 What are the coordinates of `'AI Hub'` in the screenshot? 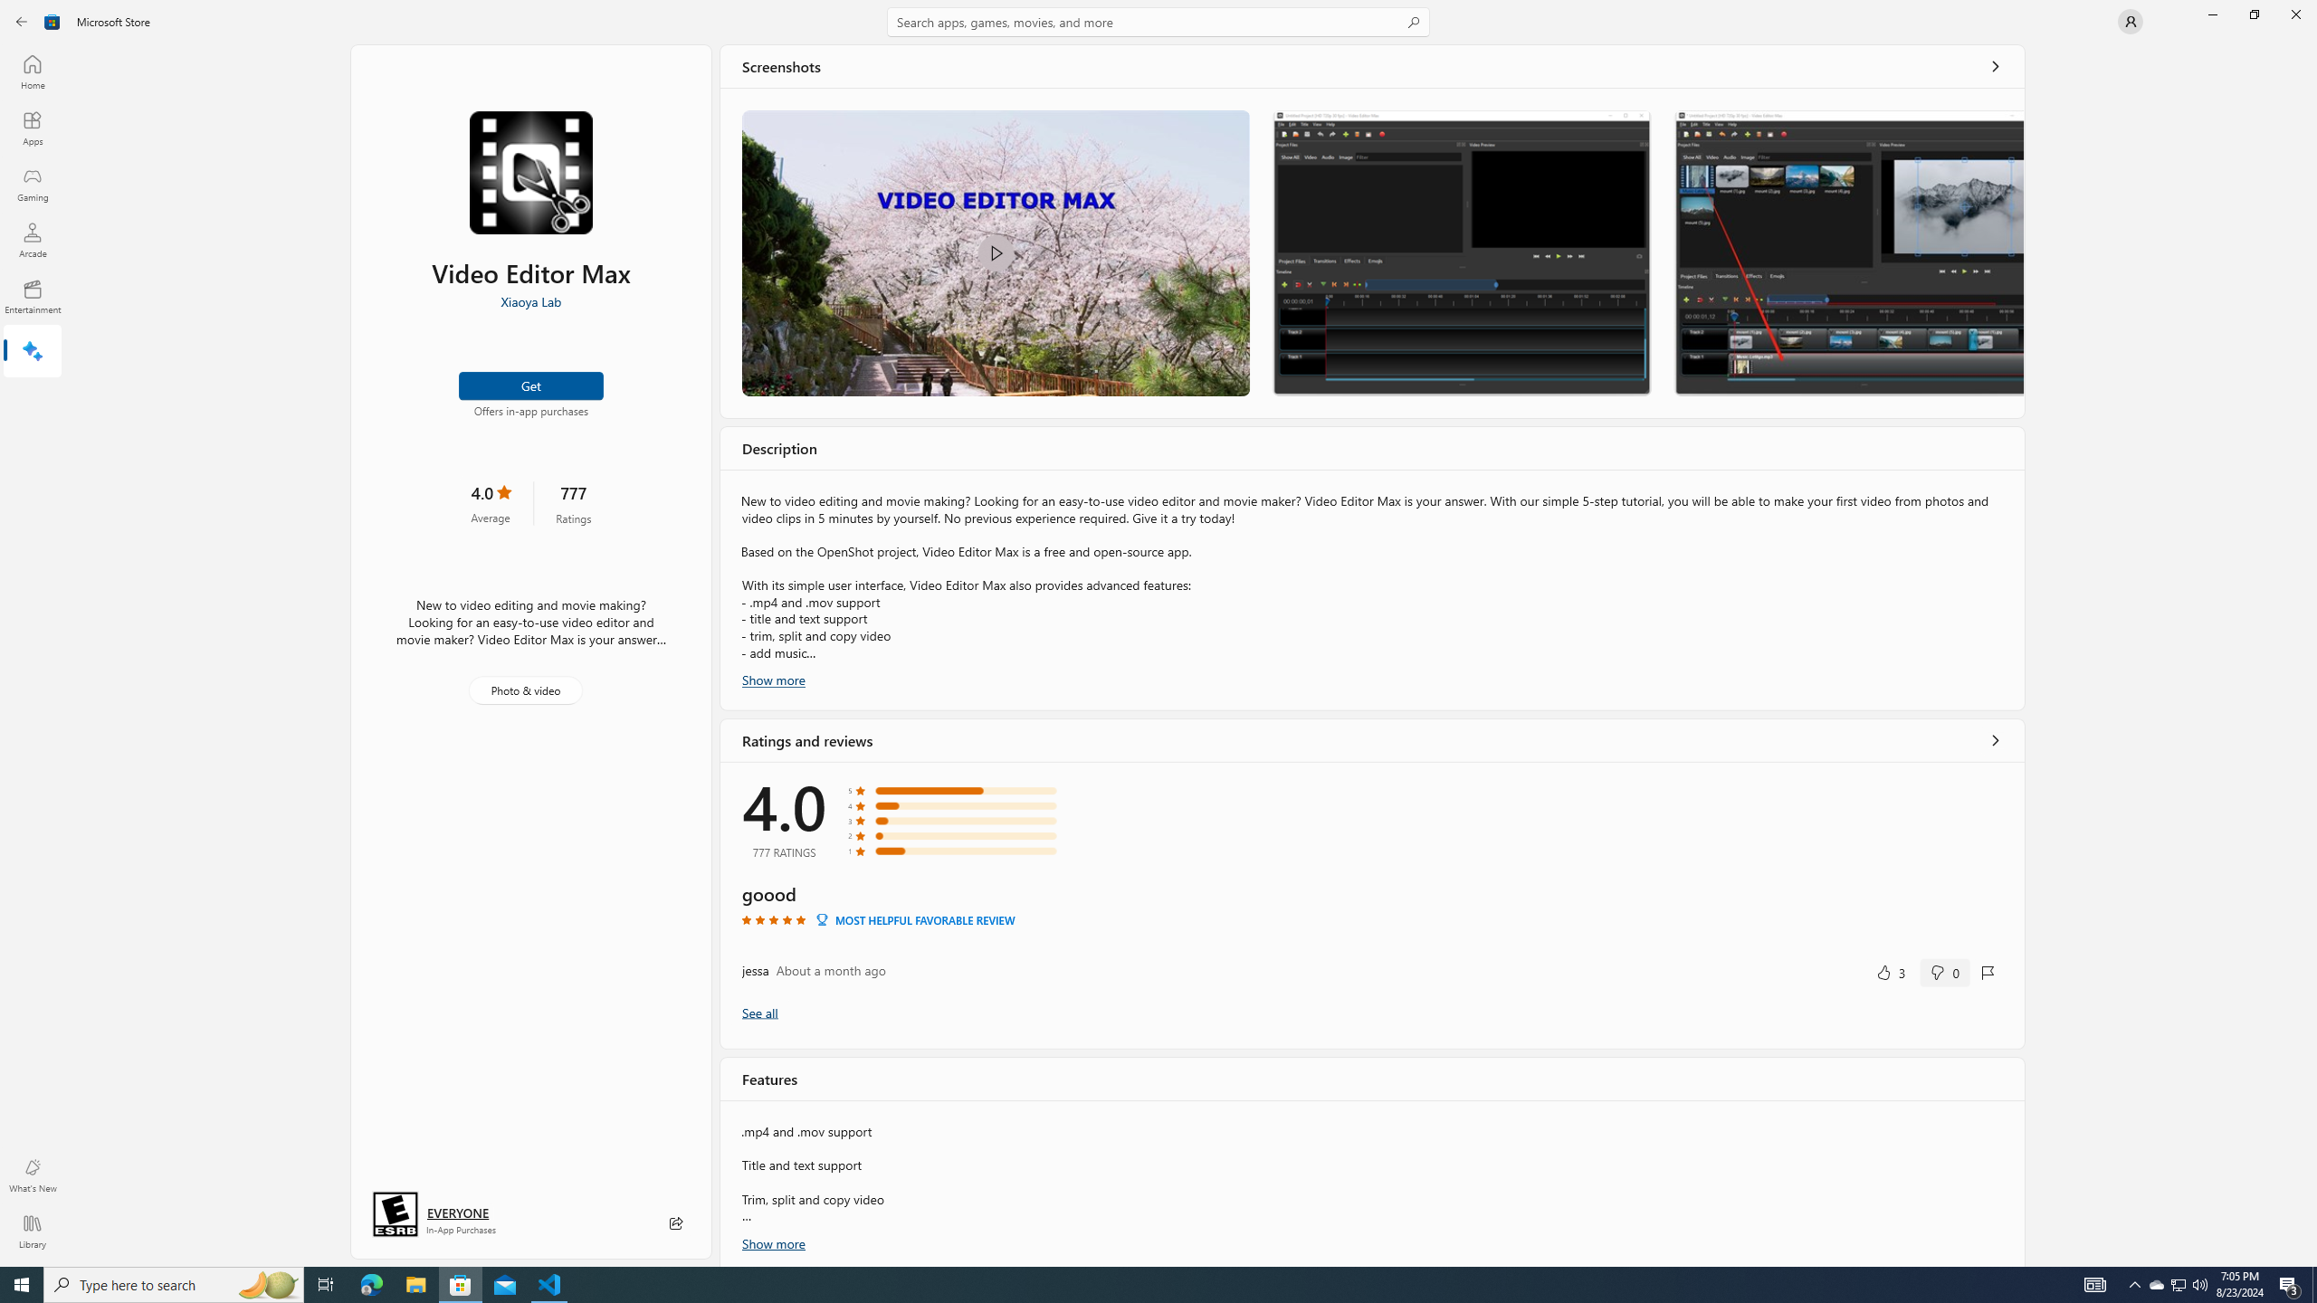 It's located at (31, 351).